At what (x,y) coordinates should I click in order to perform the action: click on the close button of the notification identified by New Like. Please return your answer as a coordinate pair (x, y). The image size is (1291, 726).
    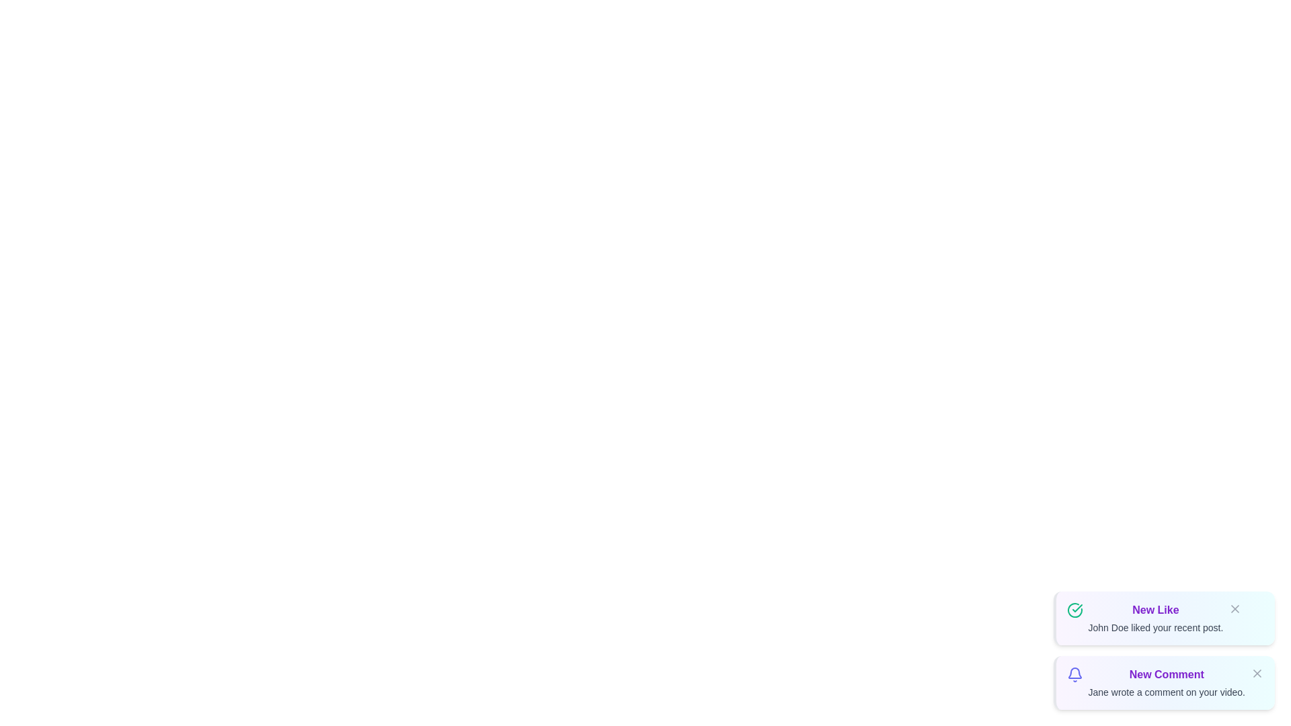
    Looking at the image, I should click on (1235, 609).